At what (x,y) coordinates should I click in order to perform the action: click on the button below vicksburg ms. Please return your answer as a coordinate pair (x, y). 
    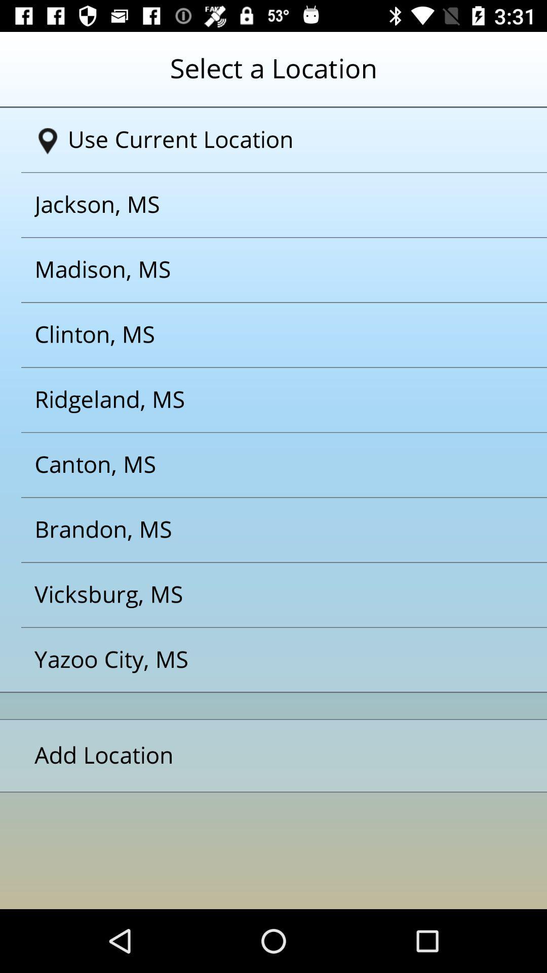
    Looking at the image, I should click on (260, 660).